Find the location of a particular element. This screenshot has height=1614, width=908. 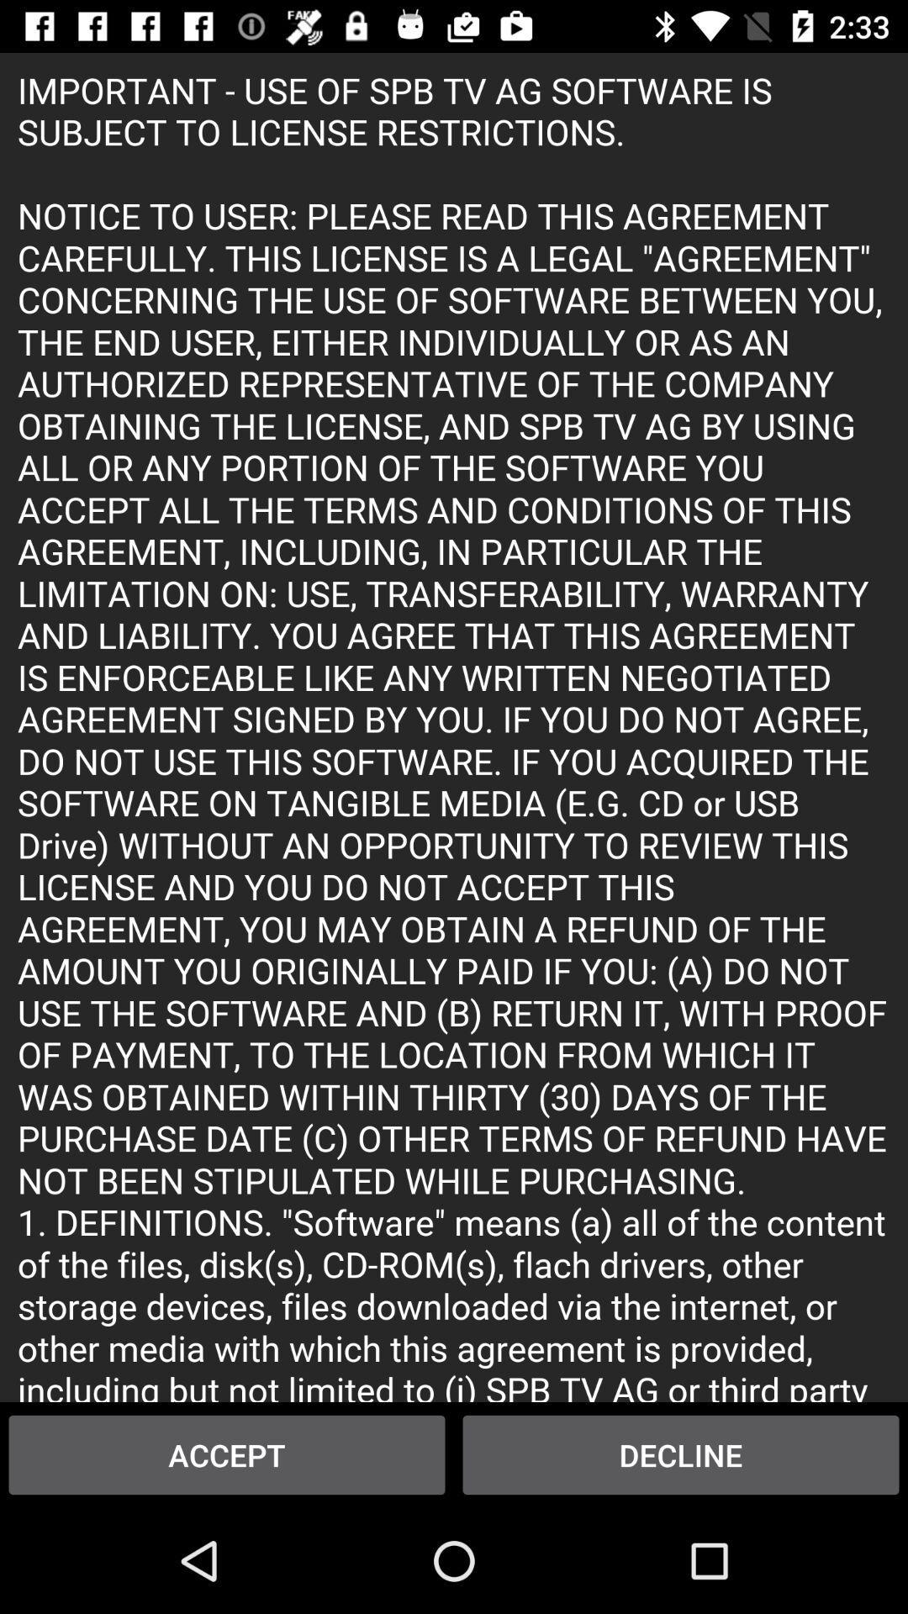

the icon next to the decline icon is located at coordinates (227, 1454).